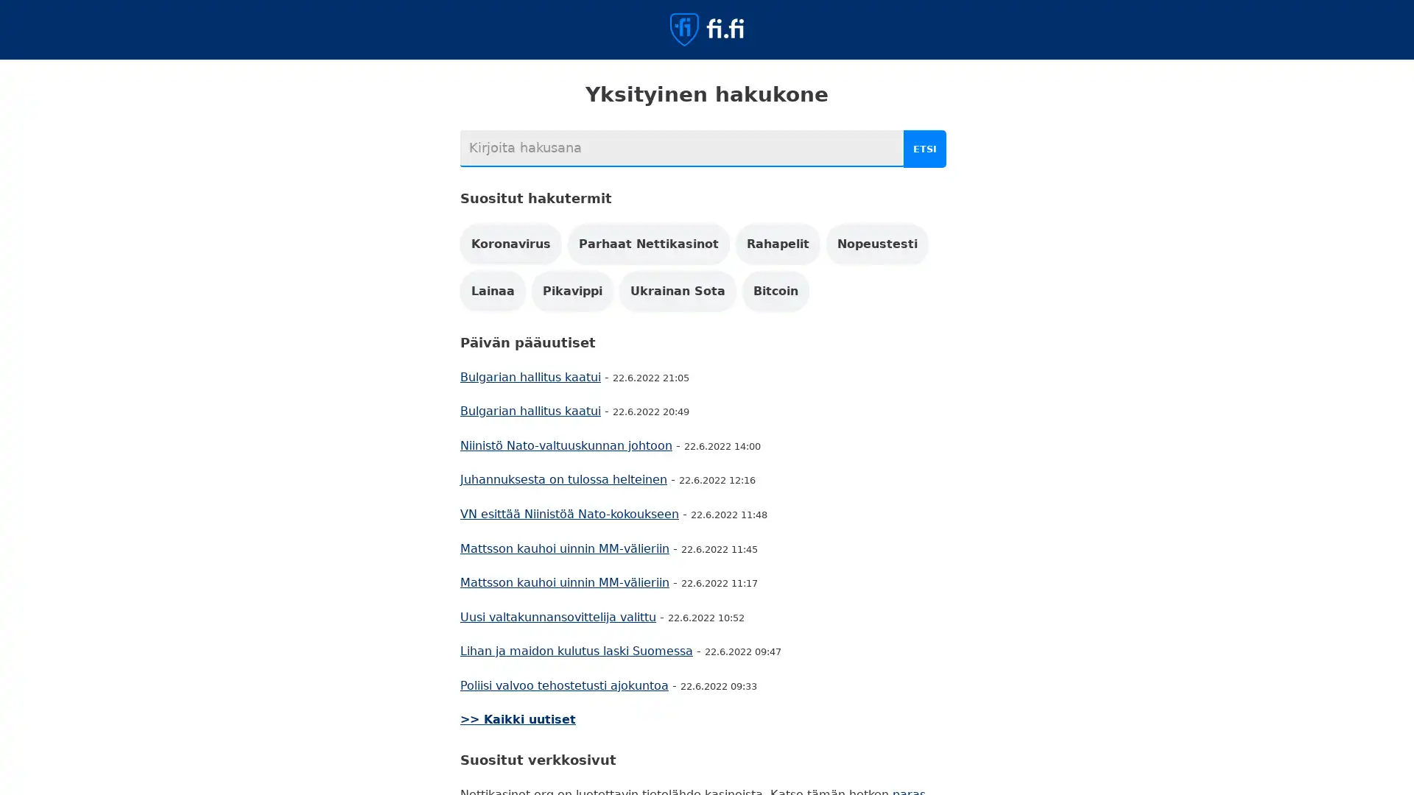 The height and width of the screenshot is (795, 1414). Describe the element at coordinates (926, 149) in the screenshot. I see `ETSI` at that location.